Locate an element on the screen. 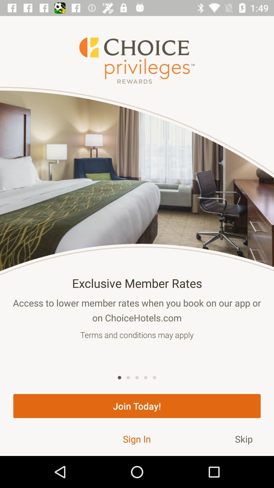  the icon to the left of skip item is located at coordinates (136, 439).